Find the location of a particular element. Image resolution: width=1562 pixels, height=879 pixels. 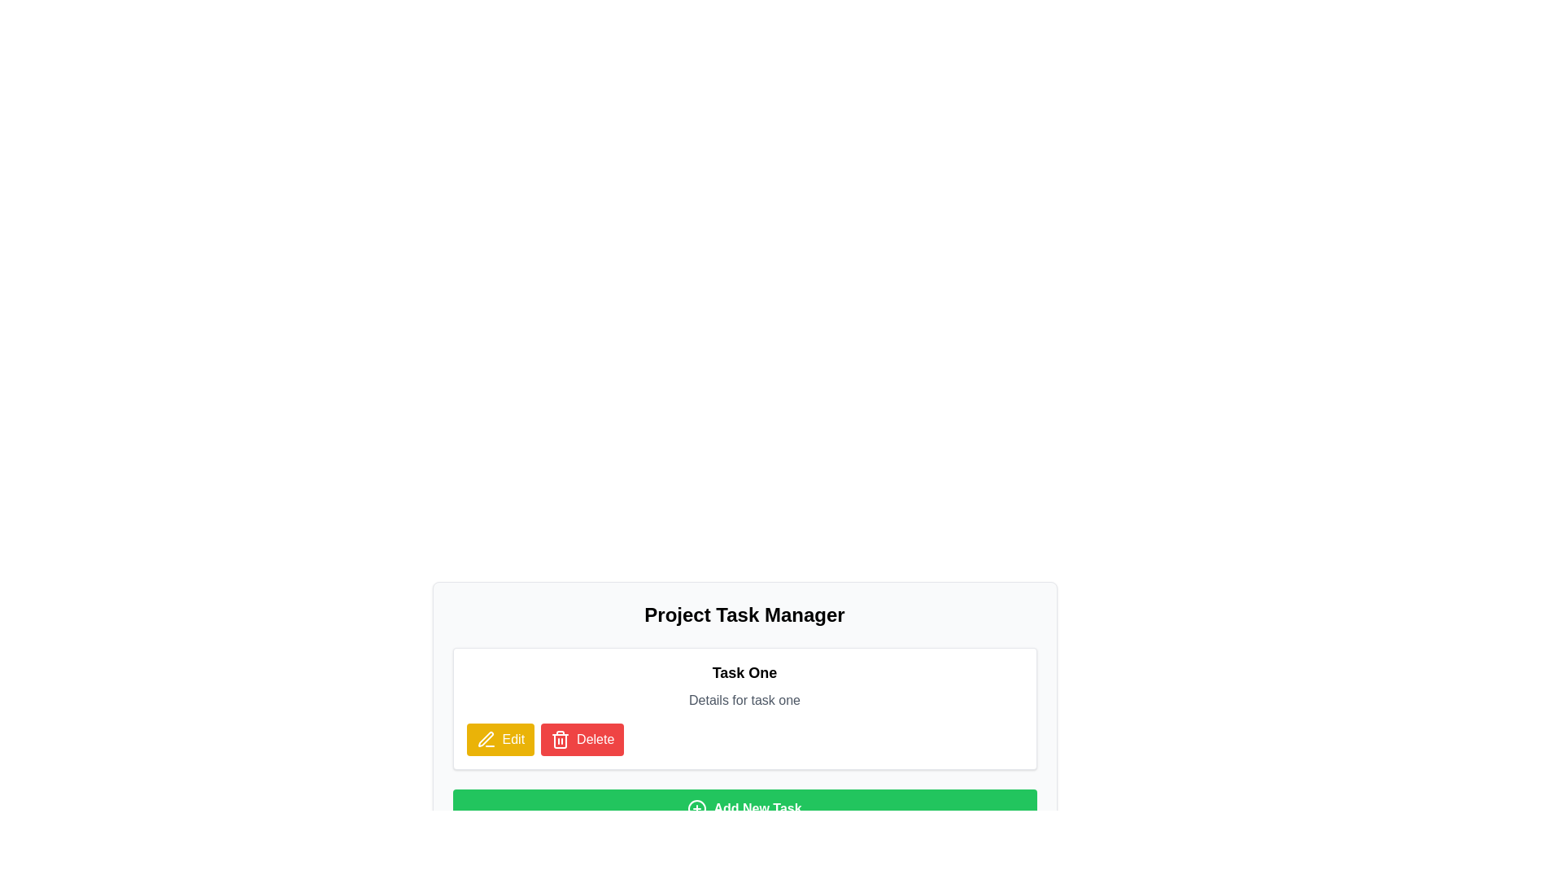

the trash can icon, which is a modern line design in white on a red background, located to the right of the 'Delete' button below the 'Task One' card, to confirm the deletion is located at coordinates (561, 740).